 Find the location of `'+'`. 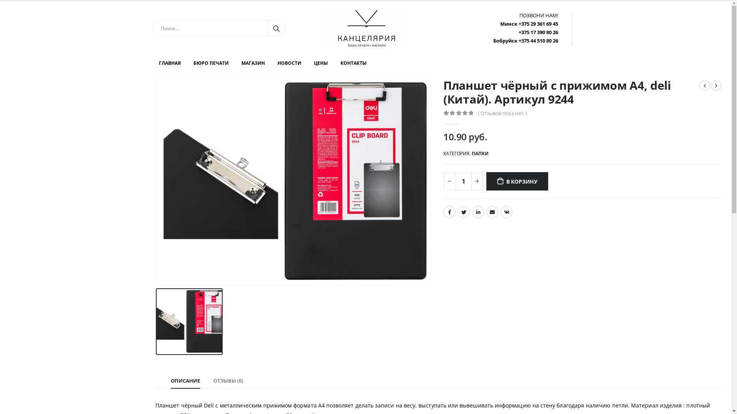

'+' is located at coordinates (477, 181).